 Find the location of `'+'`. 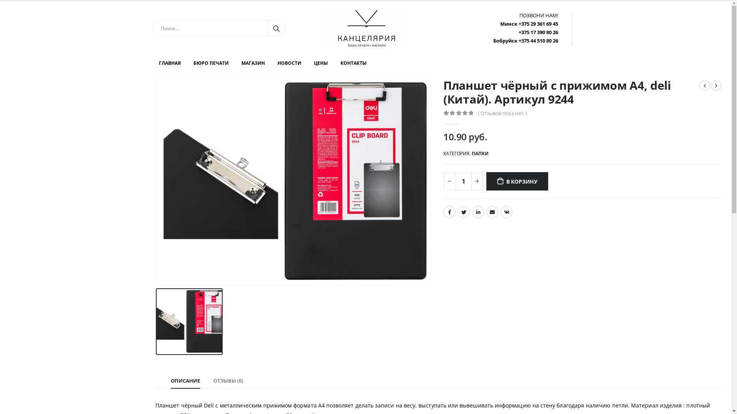

'+' is located at coordinates (477, 181).